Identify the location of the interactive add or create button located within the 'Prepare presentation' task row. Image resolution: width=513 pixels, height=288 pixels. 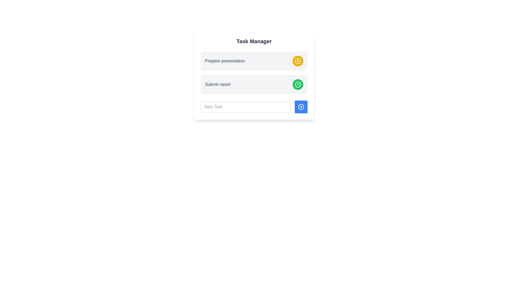
(297, 61).